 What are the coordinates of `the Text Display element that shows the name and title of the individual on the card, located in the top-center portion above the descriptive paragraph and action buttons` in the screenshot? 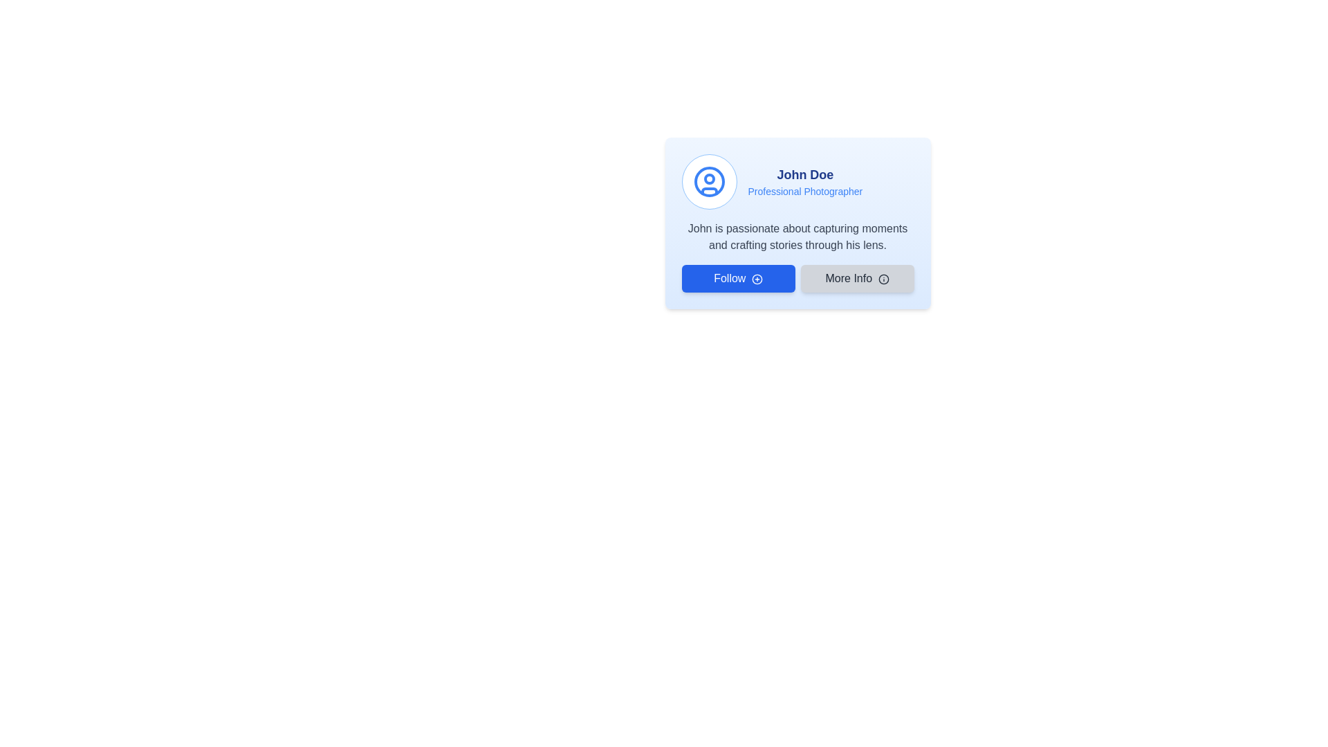 It's located at (805, 181).